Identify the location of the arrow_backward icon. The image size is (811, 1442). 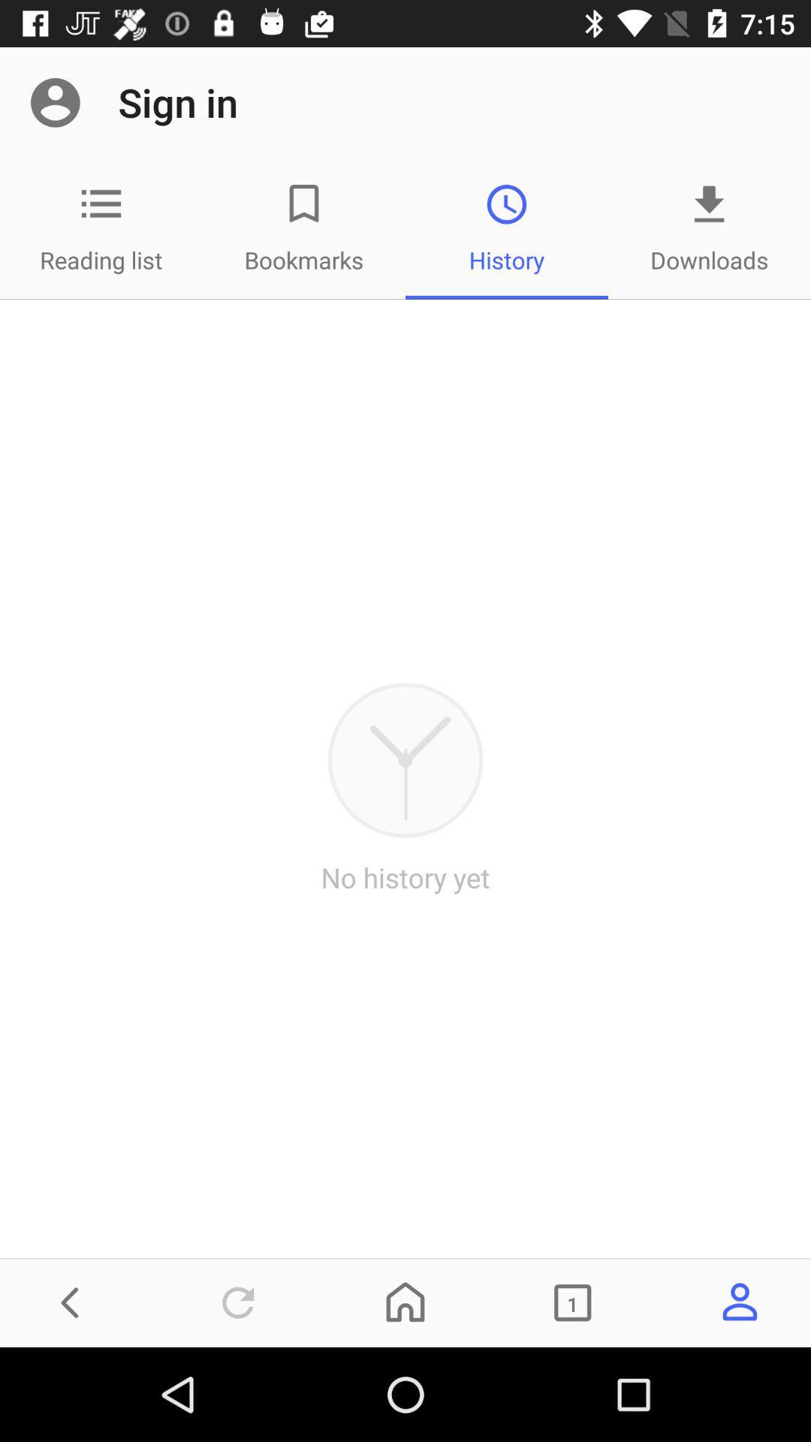
(71, 1302).